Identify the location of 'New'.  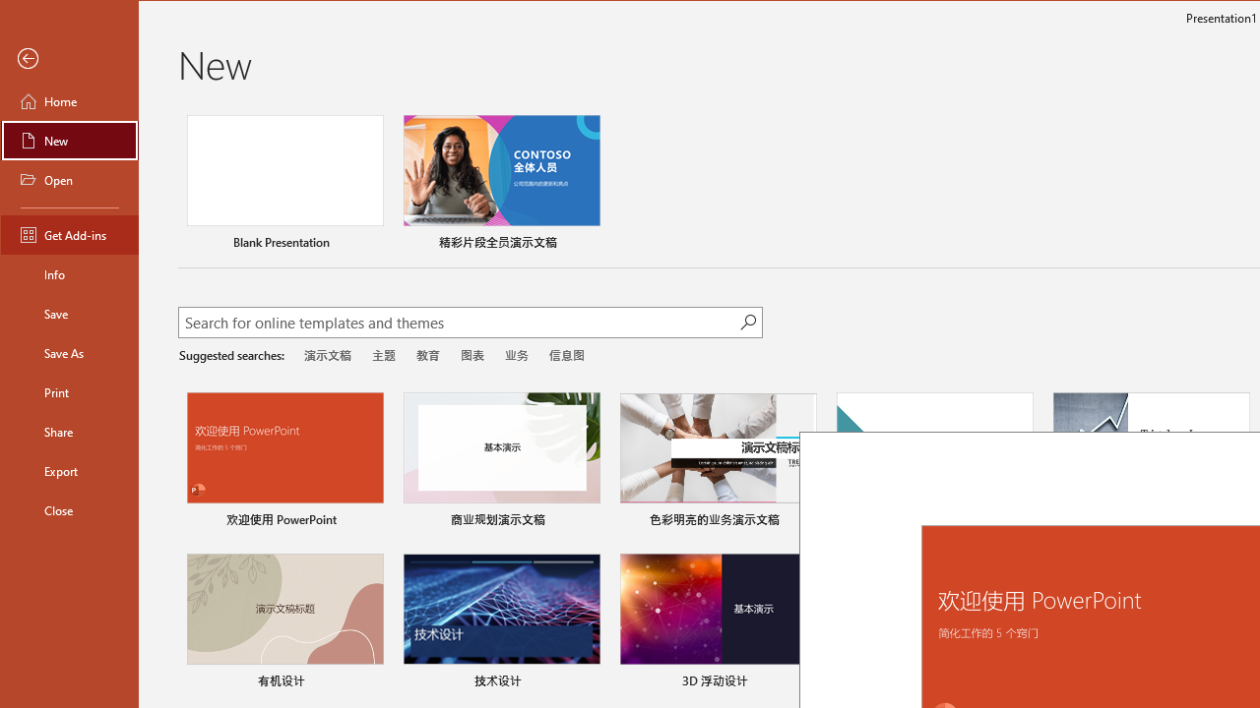
(70, 139).